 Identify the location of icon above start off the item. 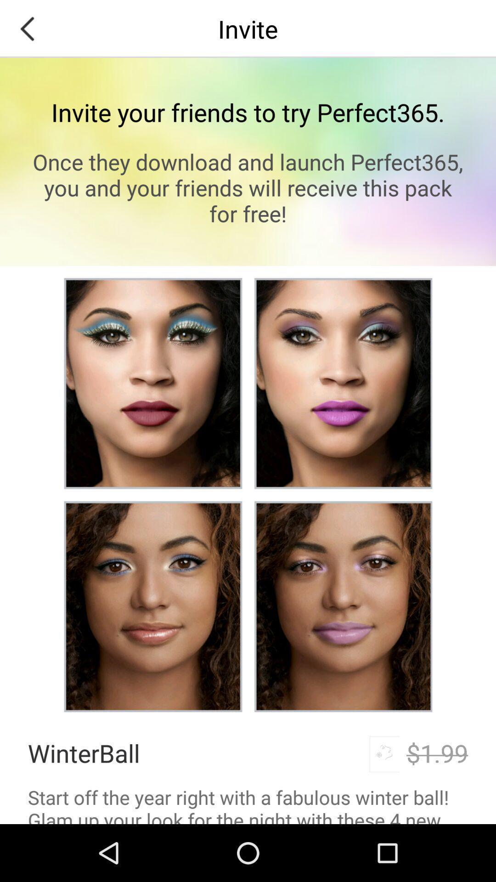
(84, 753).